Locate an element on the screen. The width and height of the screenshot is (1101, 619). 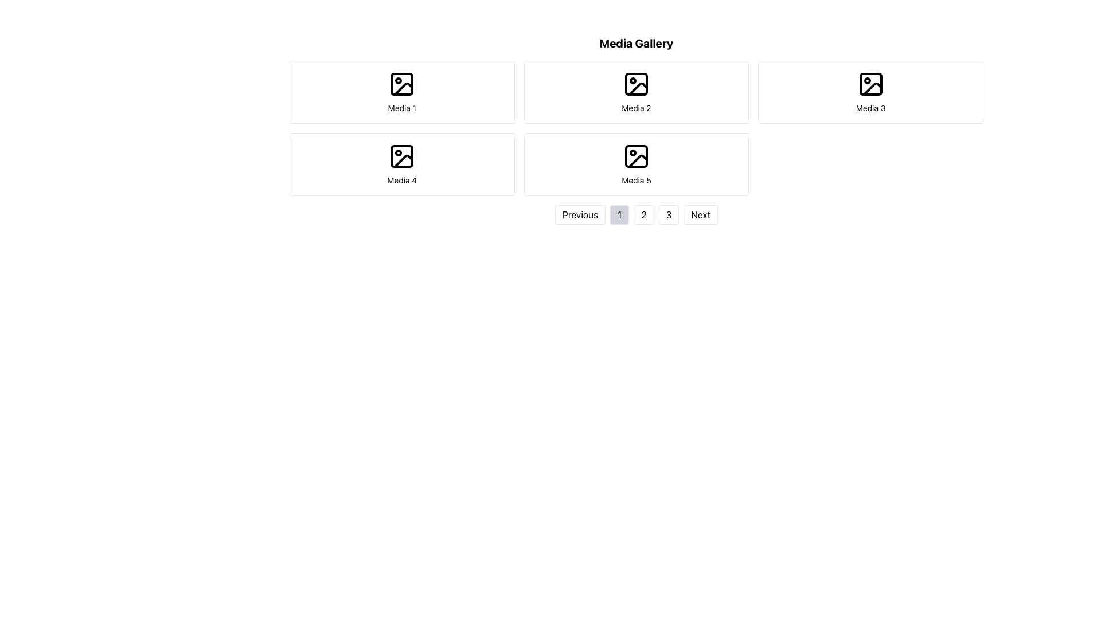
the static text label that describes the content related to the image placeholder above it, located in the second column of the first row in a grid layout is located at coordinates (635, 108).